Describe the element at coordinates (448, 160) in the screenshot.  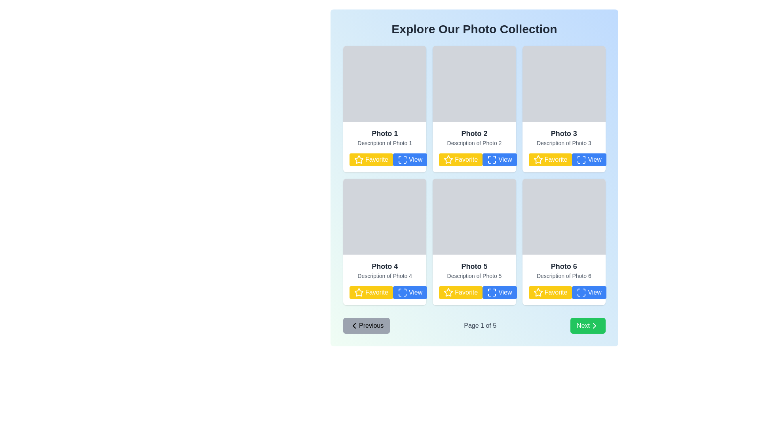
I see `the star-shaped icon within the yellow 'Favorite' button` at that location.